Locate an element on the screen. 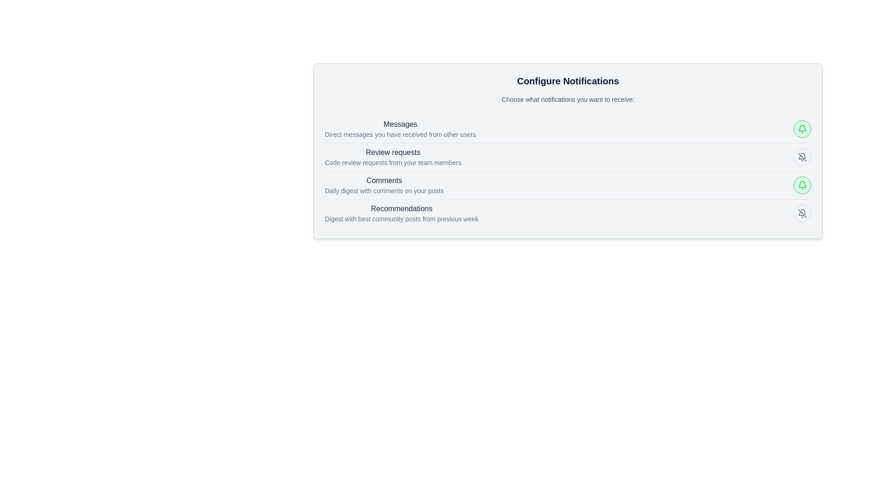  the subtitle text 'Digest with best community posts from previous week' located under the 'Recommendations' header in the Configure Notifications section is located at coordinates (401, 219).